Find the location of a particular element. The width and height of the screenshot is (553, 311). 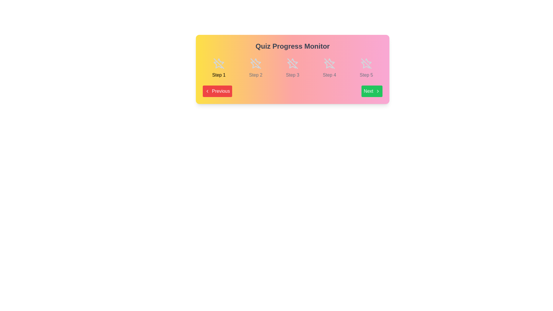

the left arrow SVG icon within the red 'Previous' button is located at coordinates (207, 91).